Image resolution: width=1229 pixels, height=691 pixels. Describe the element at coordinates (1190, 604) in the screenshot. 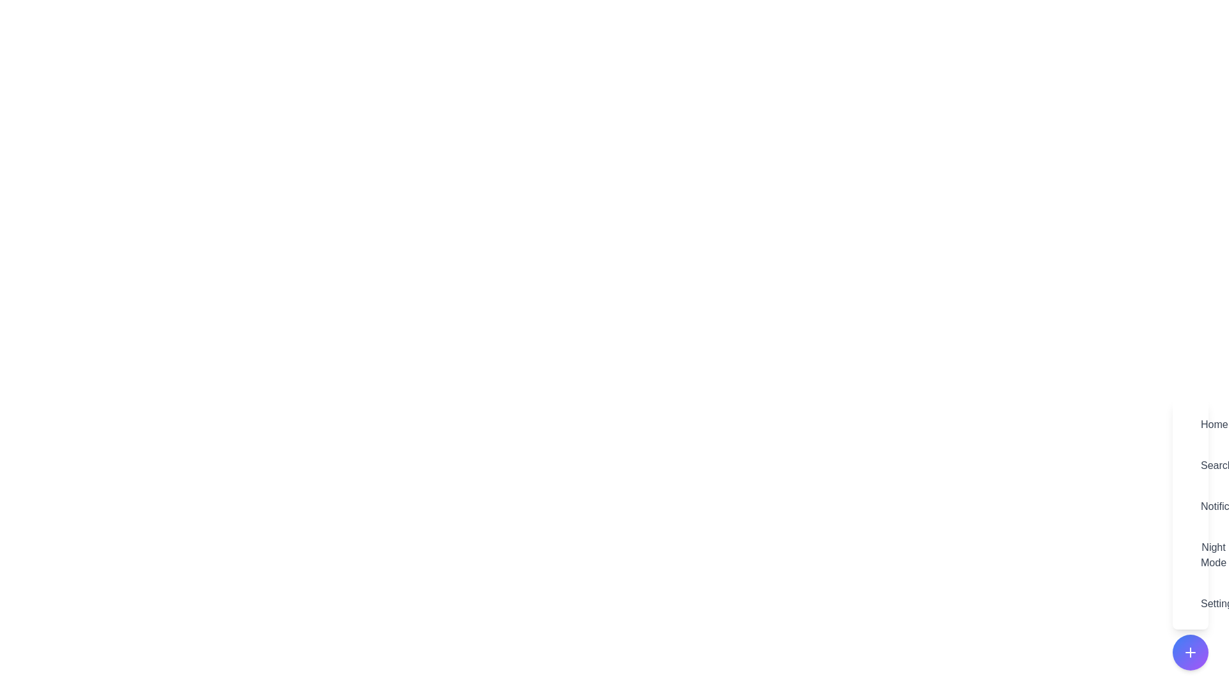

I see `the menu item labeled Settings` at that location.